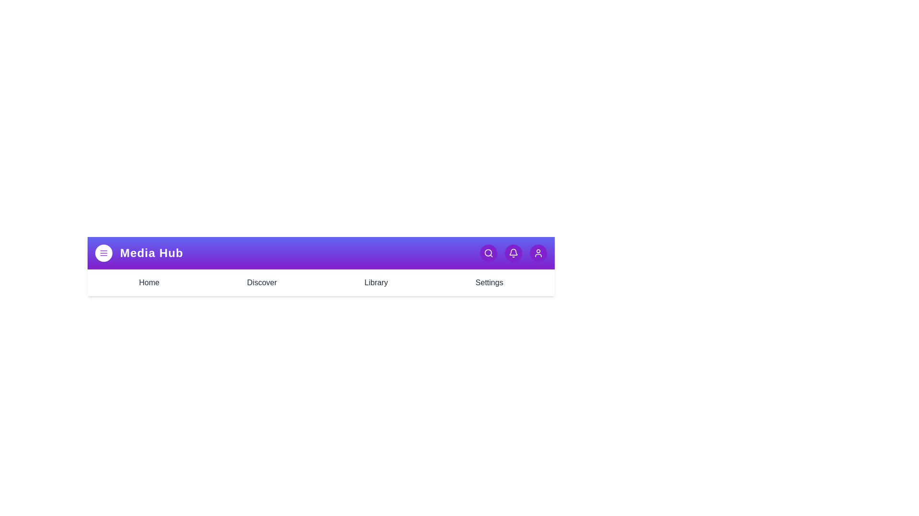  I want to click on the Library tab to navigate to the respective section, so click(376, 282).